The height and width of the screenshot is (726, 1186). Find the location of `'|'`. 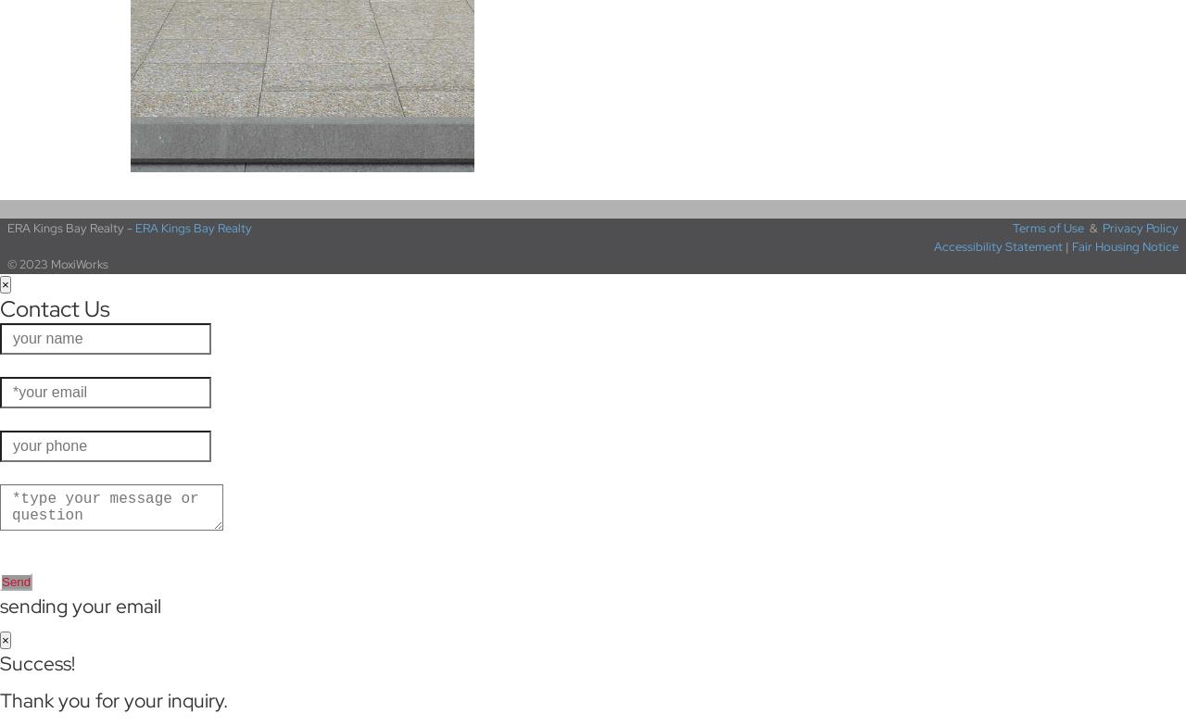

'|' is located at coordinates (1066, 245).